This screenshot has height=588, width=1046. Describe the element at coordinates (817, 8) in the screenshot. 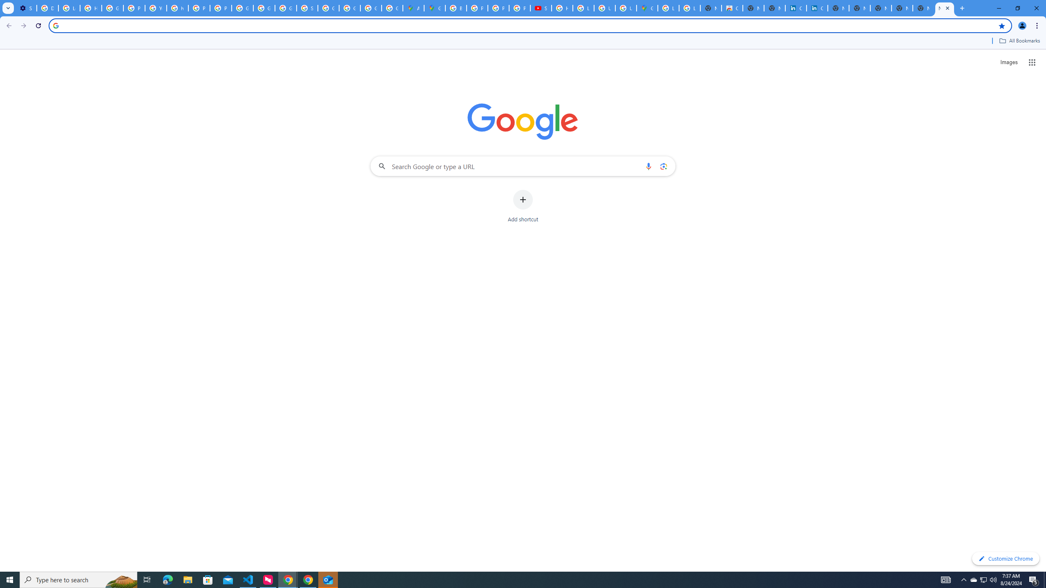

I see `'Cookie Policy | LinkedIn'` at that location.